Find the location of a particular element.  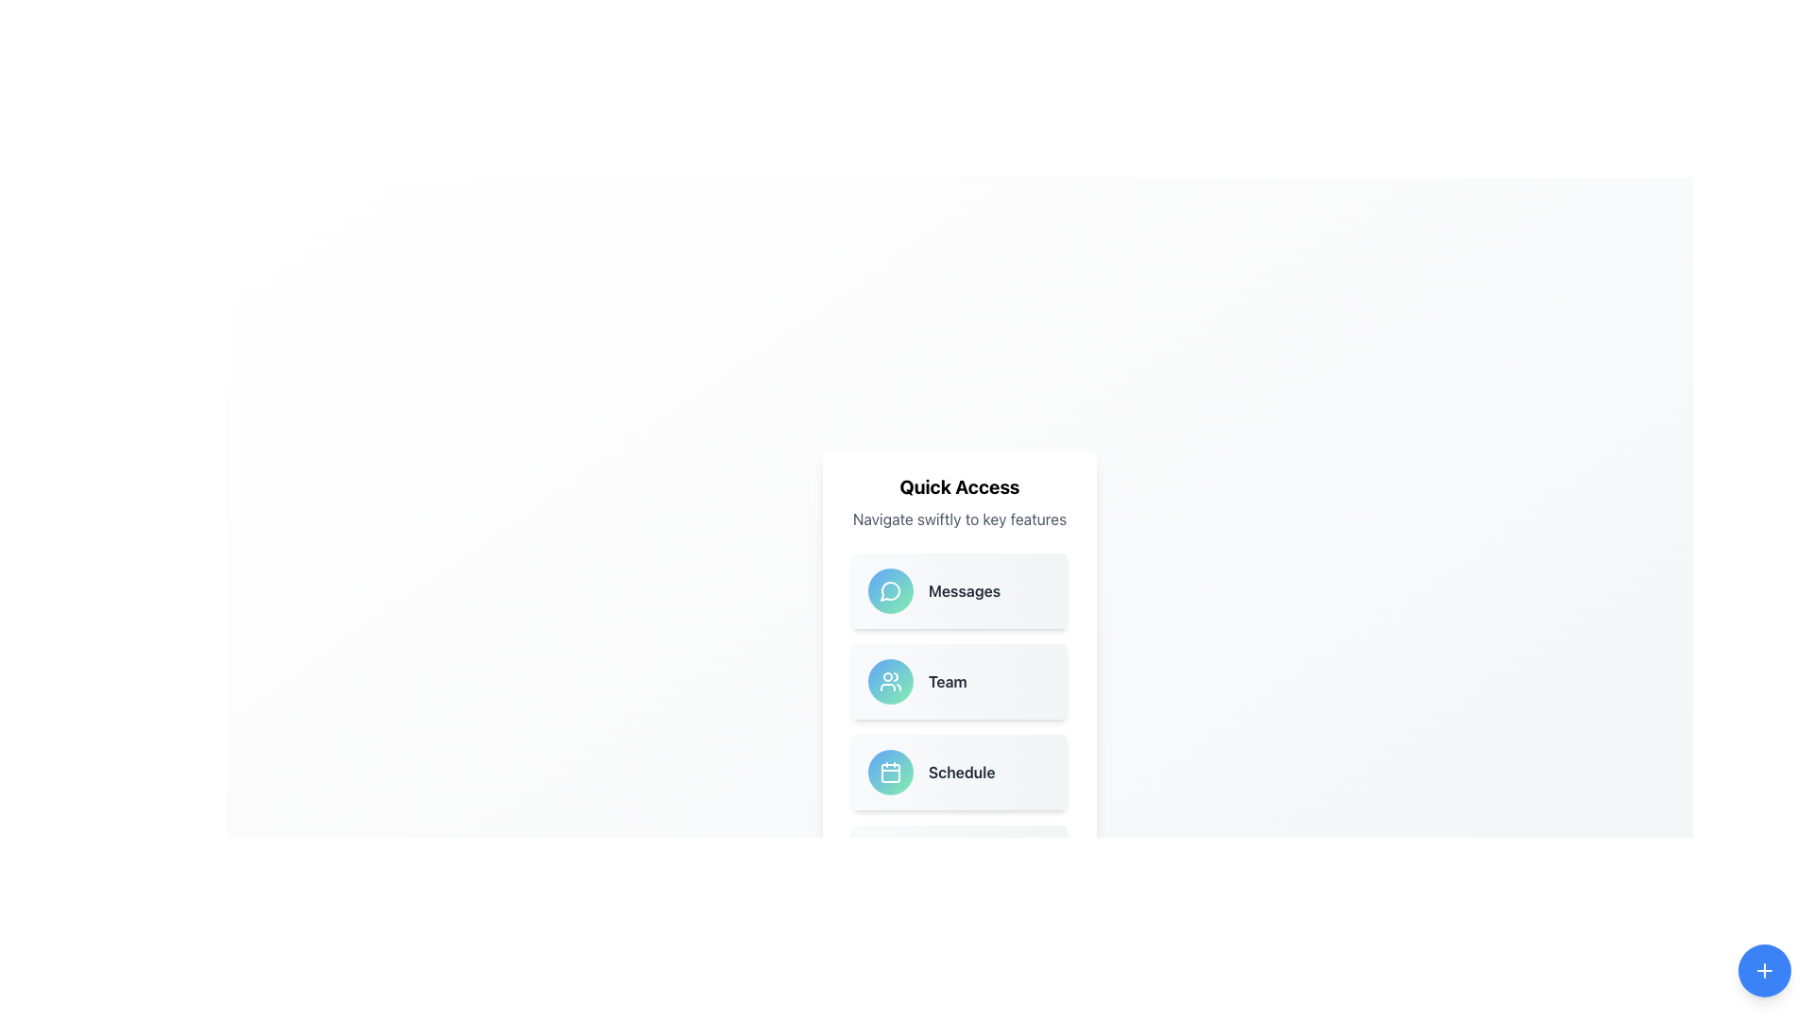

the vertical navigation menu option is located at coordinates (960, 726).